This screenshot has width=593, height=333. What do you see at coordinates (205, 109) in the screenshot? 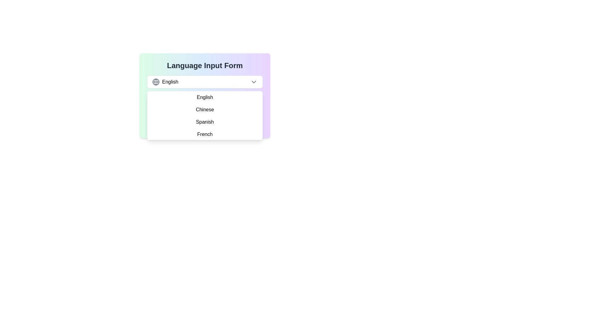
I see `the 'Chinese' option within the dropdown menu` at bounding box center [205, 109].